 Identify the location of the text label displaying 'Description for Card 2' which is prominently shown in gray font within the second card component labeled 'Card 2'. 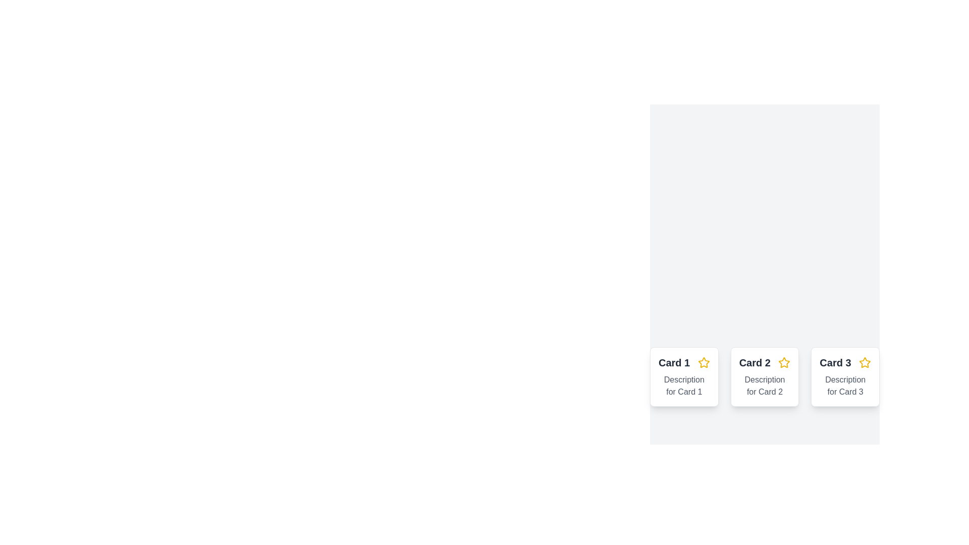
(765, 386).